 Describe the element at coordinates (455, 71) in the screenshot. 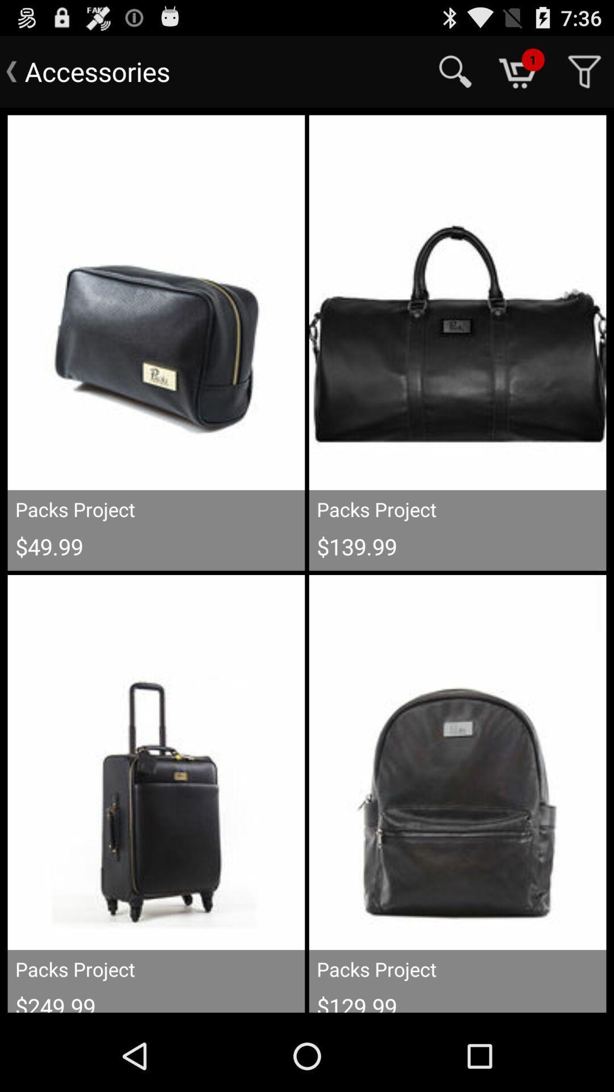

I see `the item next to the accessories item` at that location.